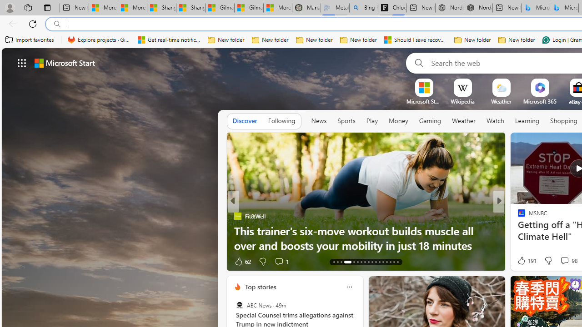 This screenshot has width=582, height=327. Describe the element at coordinates (462, 101) in the screenshot. I see `'Wikipedia'` at that location.